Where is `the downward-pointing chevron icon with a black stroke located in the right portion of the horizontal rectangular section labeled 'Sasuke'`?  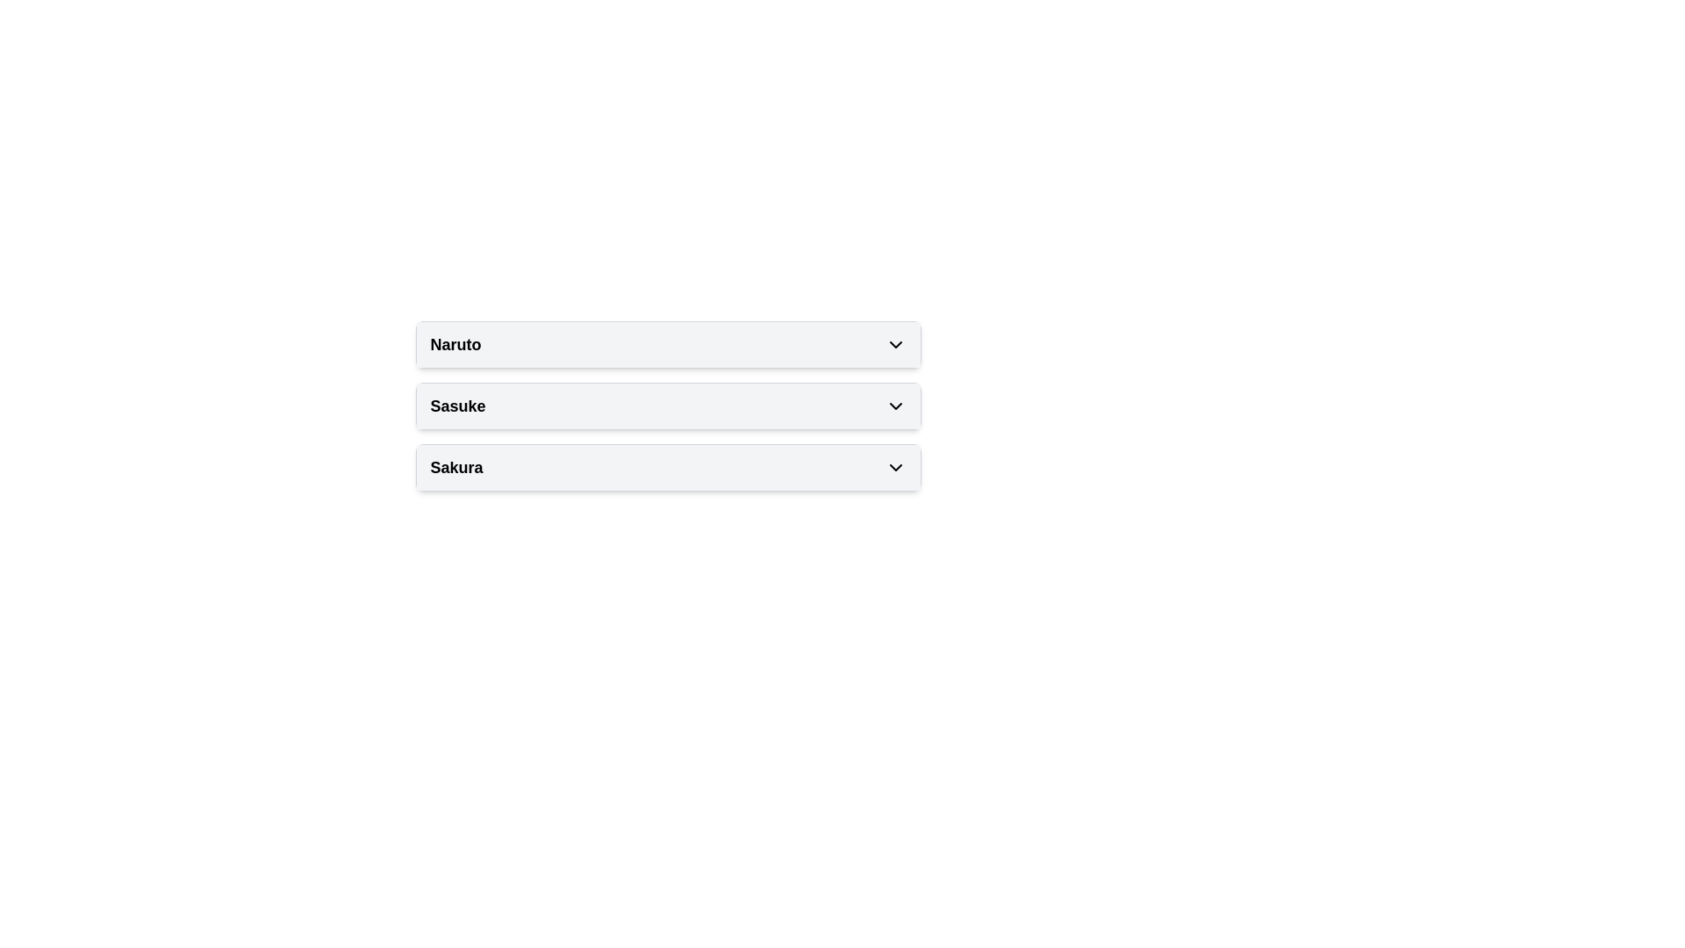
the downward-pointing chevron icon with a black stroke located in the right portion of the horizontal rectangular section labeled 'Sasuke' is located at coordinates (895, 406).